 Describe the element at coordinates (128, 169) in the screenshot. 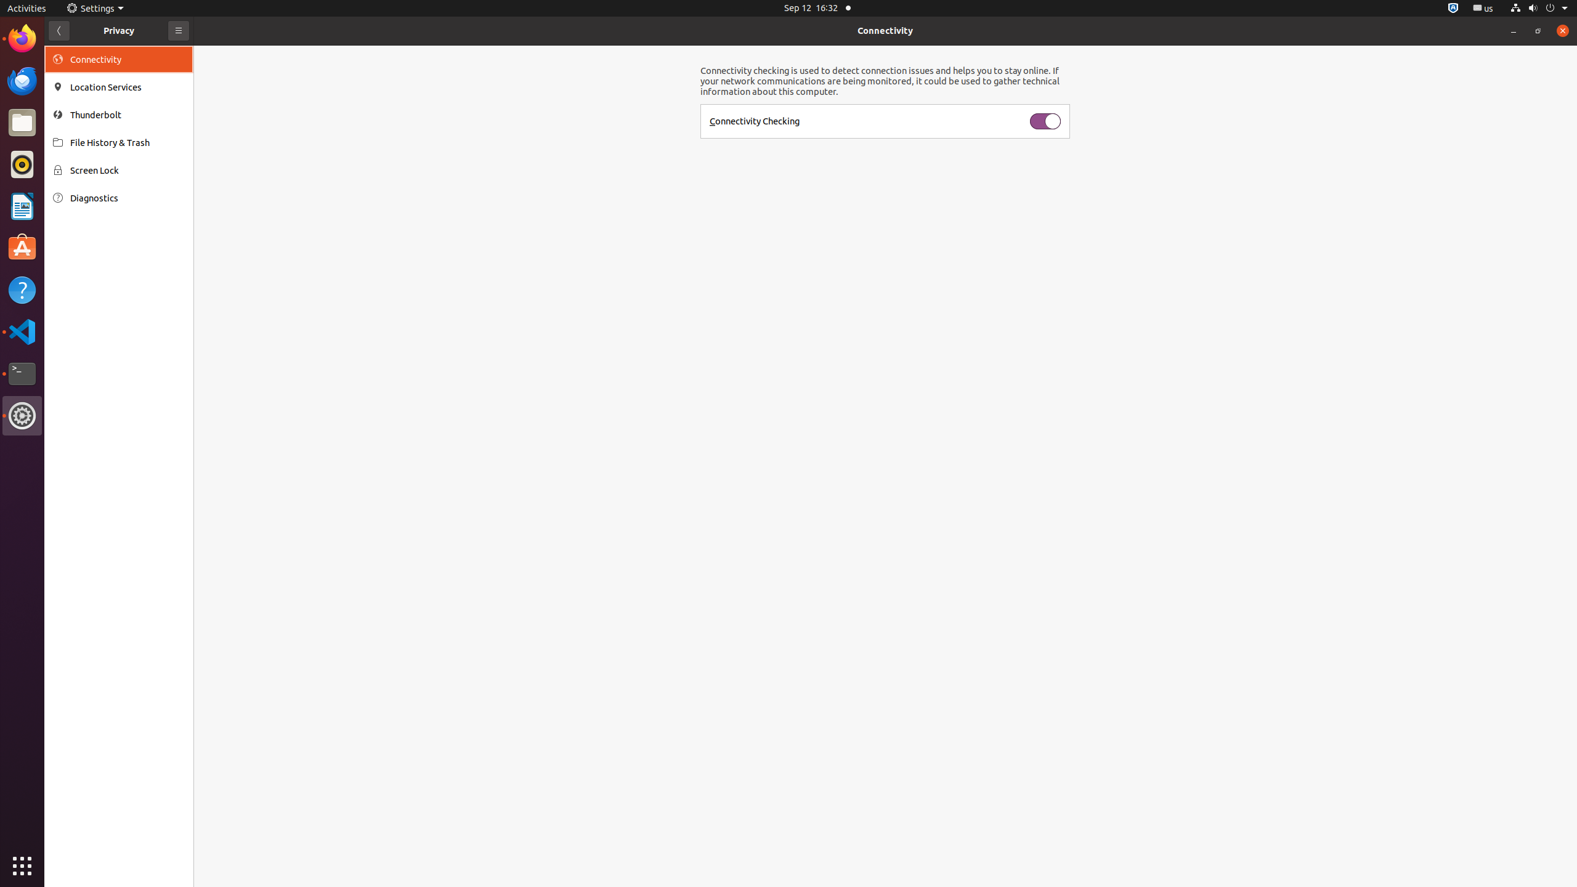

I see `'Screen Lock'` at that location.